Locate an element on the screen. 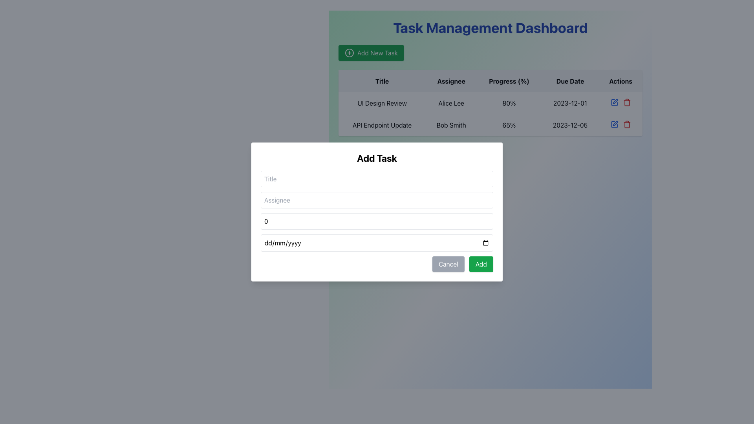 This screenshot has height=424, width=754. the second row of the task table, which displays details about the task including title, assignee, progress, and due date, to trigger actions related to the task is located at coordinates (490, 125).